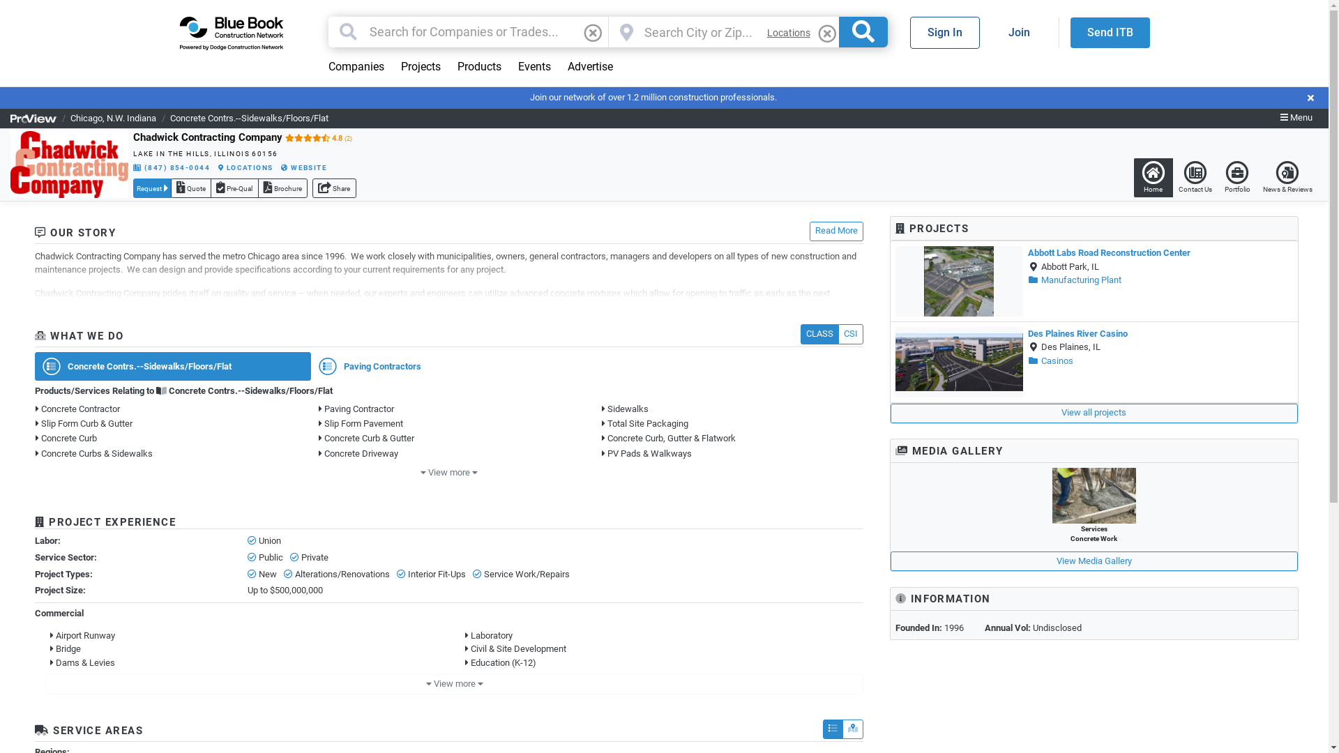 The image size is (1339, 753). Describe the element at coordinates (303, 167) in the screenshot. I see `'WEBSITE'` at that location.